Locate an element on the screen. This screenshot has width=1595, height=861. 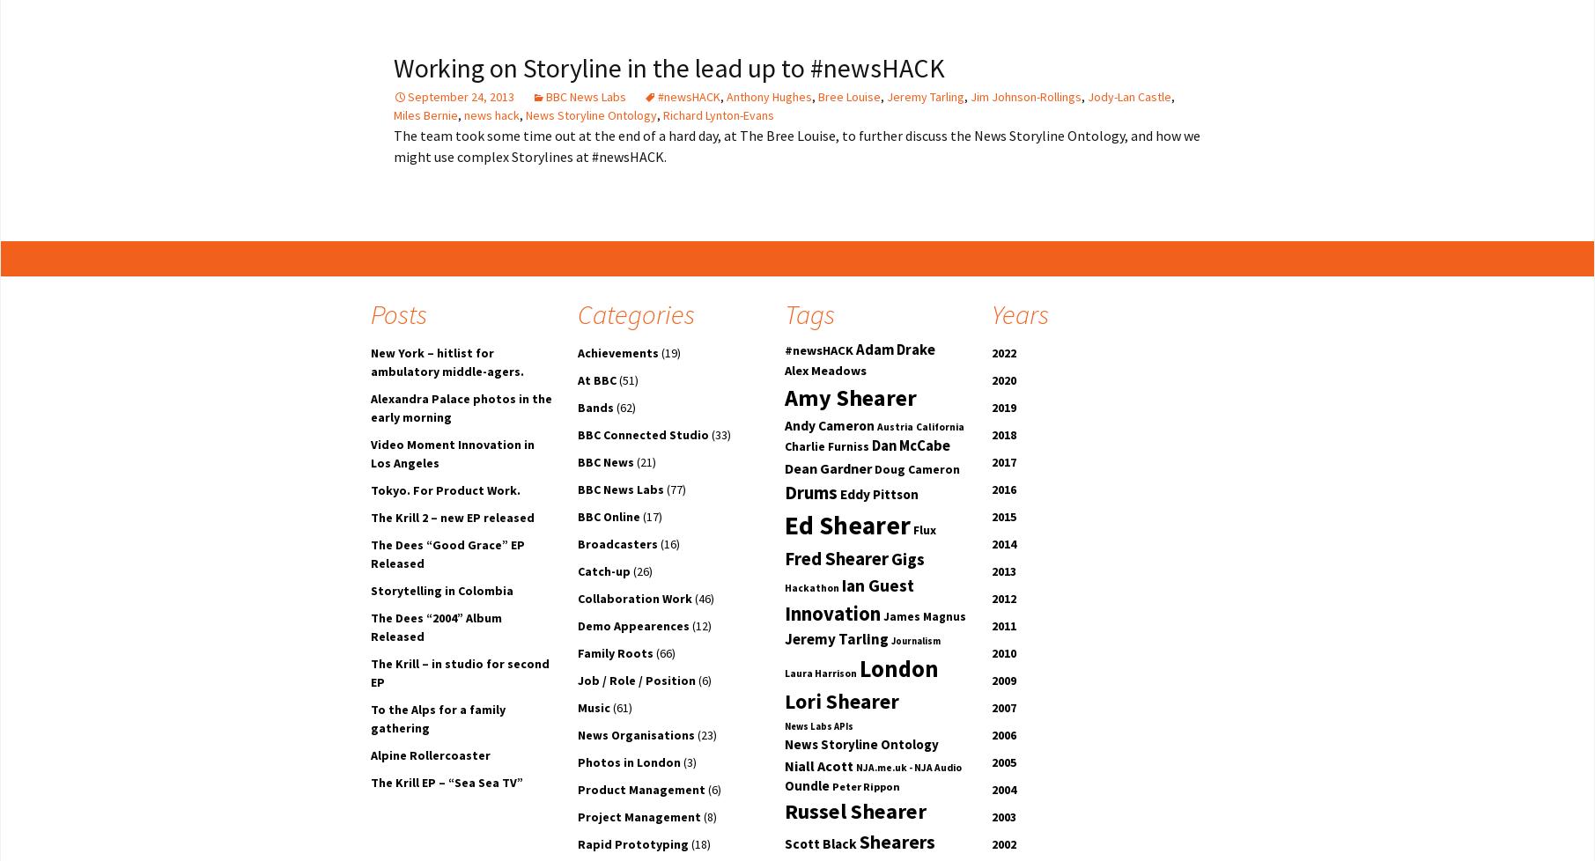
'Richard Lynton-Evans' is located at coordinates (717, 114).